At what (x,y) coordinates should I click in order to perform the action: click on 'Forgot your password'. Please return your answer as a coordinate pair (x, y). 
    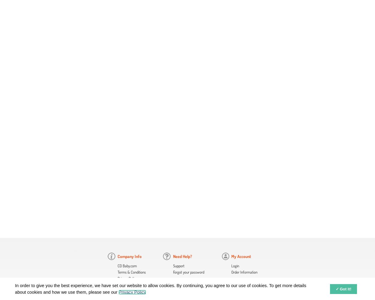
    Looking at the image, I should click on (172, 272).